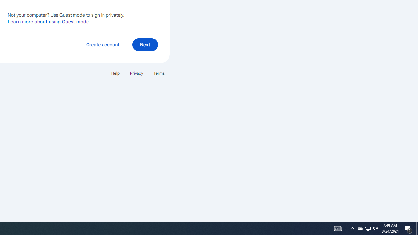 This screenshot has width=418, height=235. Describe the element at coordinates (159, 73) in the screenshot. I see `'Terms'` at that location.